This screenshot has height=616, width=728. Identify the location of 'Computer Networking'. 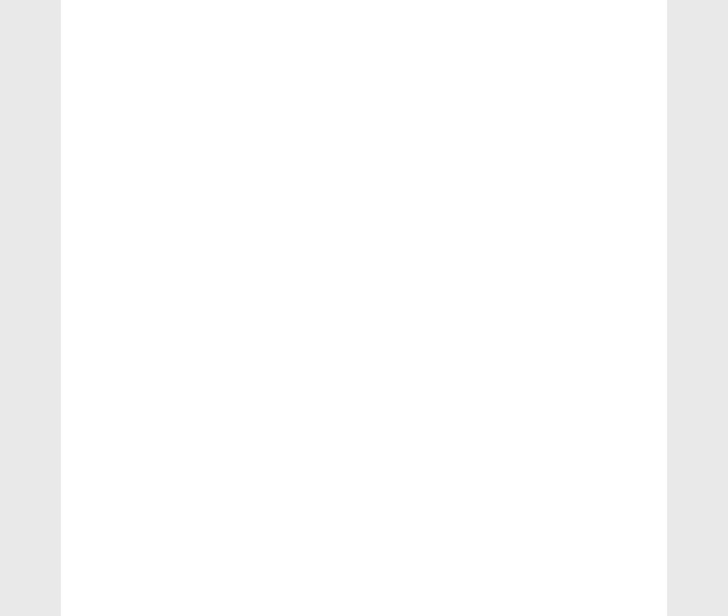
(132, 481).